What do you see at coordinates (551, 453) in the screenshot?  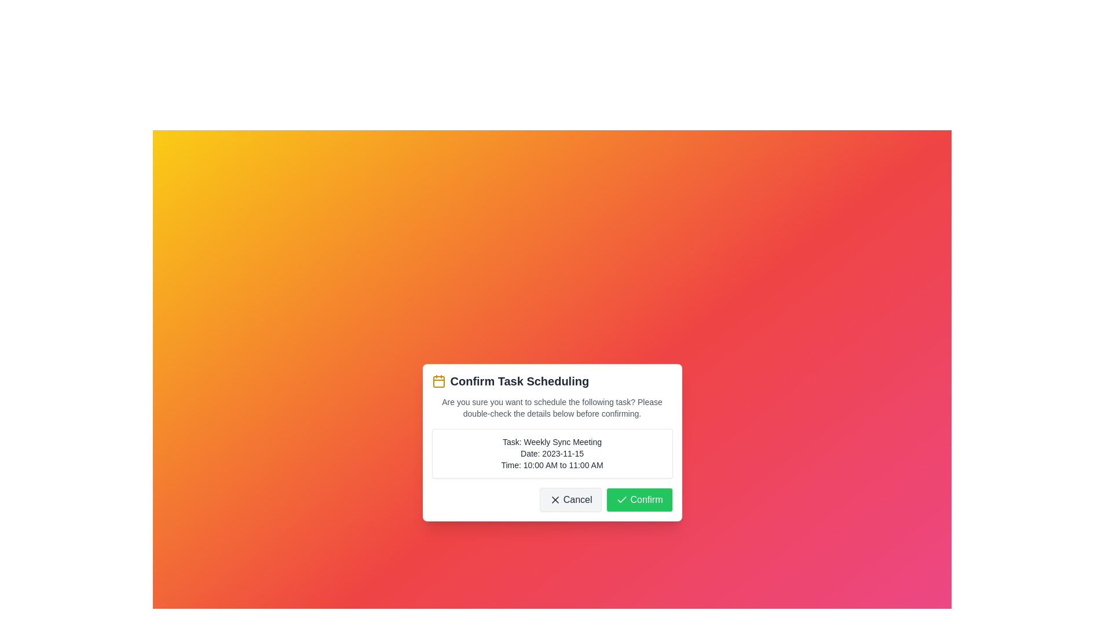 I see `the Text Display Box that displays the task title 'Task: Weekly Sync Meeting', the date 'Date: 2023-11-15', and the time range 'Time: 10:00 AM to 11:00 AM', which is centrally located in the modal dialog box` at bounding box center [551, 453].